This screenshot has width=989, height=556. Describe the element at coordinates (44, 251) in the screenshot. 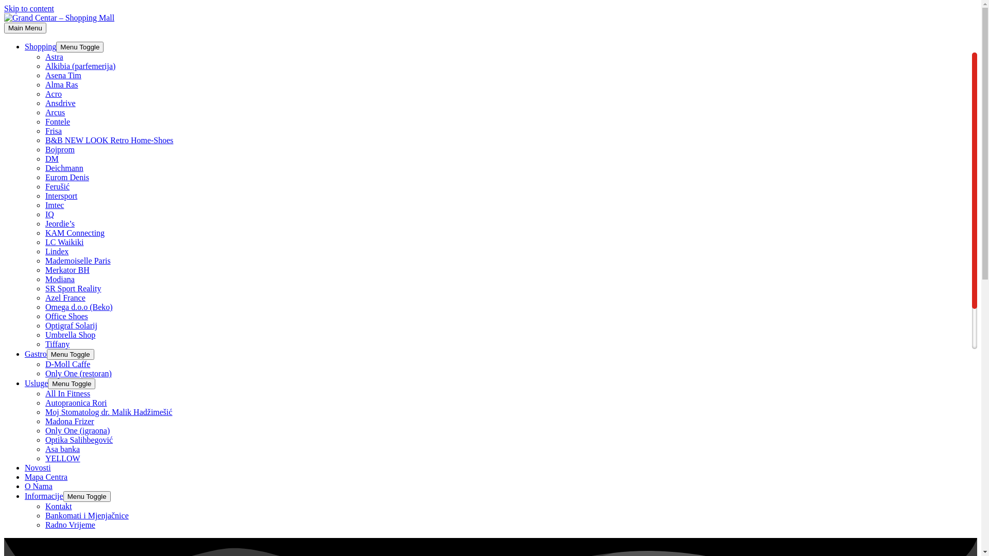

I see `'Lindex'` at that location.